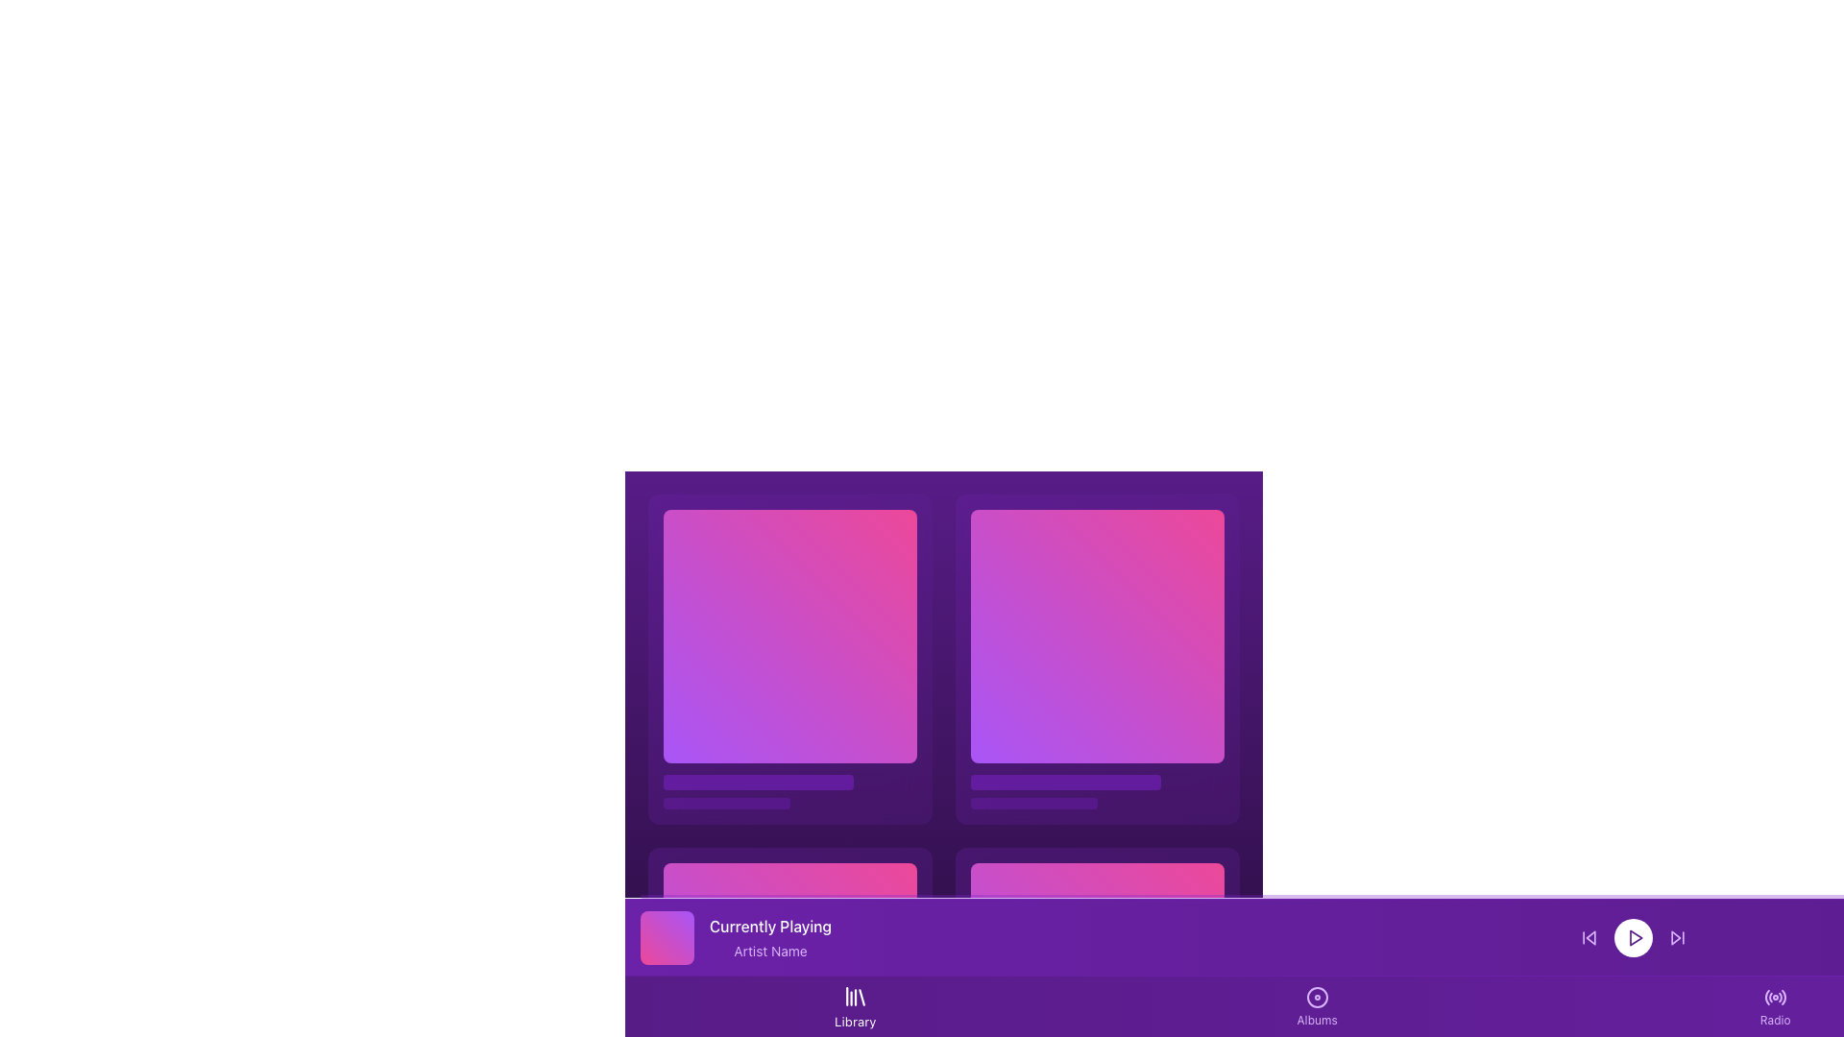 Image resolution: width=1844 pixels, height=1037 pixels. What do you see at coordinates (770, 936) in the screenshot?
I see `the text block displaying information about the currently playing media, including the track title and artist, positioned in the now-playing section of the application` at bounding box center [770, 936].